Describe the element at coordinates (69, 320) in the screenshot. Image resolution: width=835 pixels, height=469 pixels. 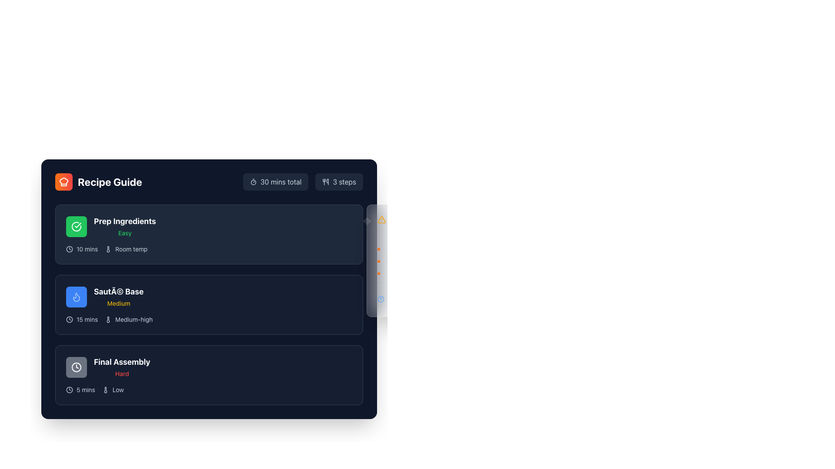
I see `the clock icon, which is a minimalistic styled icon located in the second block under the title 'Sauté Base', to perform an action in its context` at that location.